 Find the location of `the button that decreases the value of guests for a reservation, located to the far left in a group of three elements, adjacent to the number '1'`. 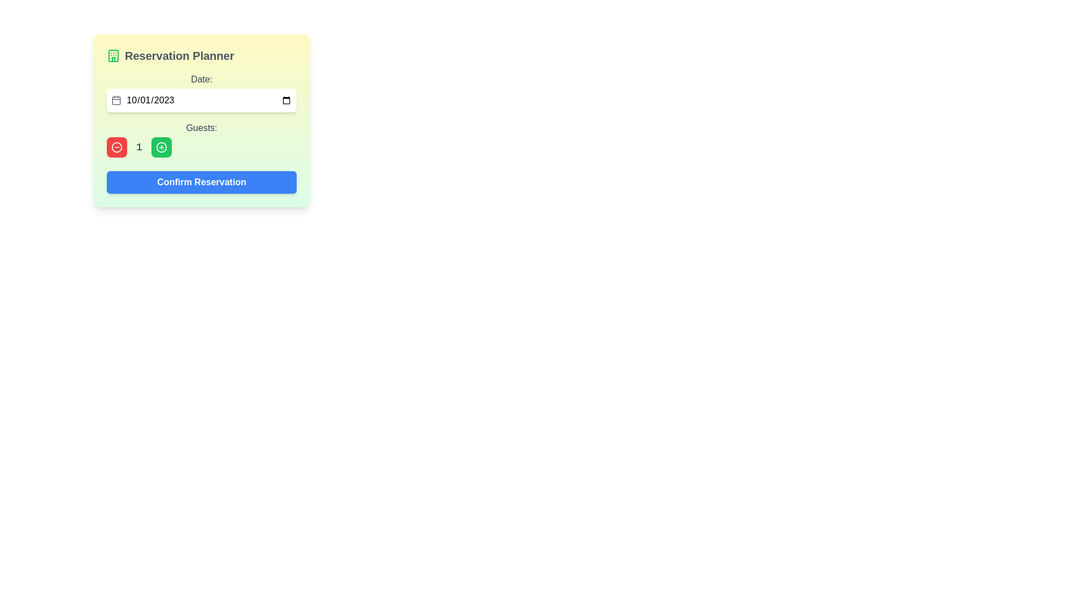

the button that decreases the value of guests for a reservation, located to the far left in a group of three elements, adjacent to the number '1' is located at coordinates (116, 147).